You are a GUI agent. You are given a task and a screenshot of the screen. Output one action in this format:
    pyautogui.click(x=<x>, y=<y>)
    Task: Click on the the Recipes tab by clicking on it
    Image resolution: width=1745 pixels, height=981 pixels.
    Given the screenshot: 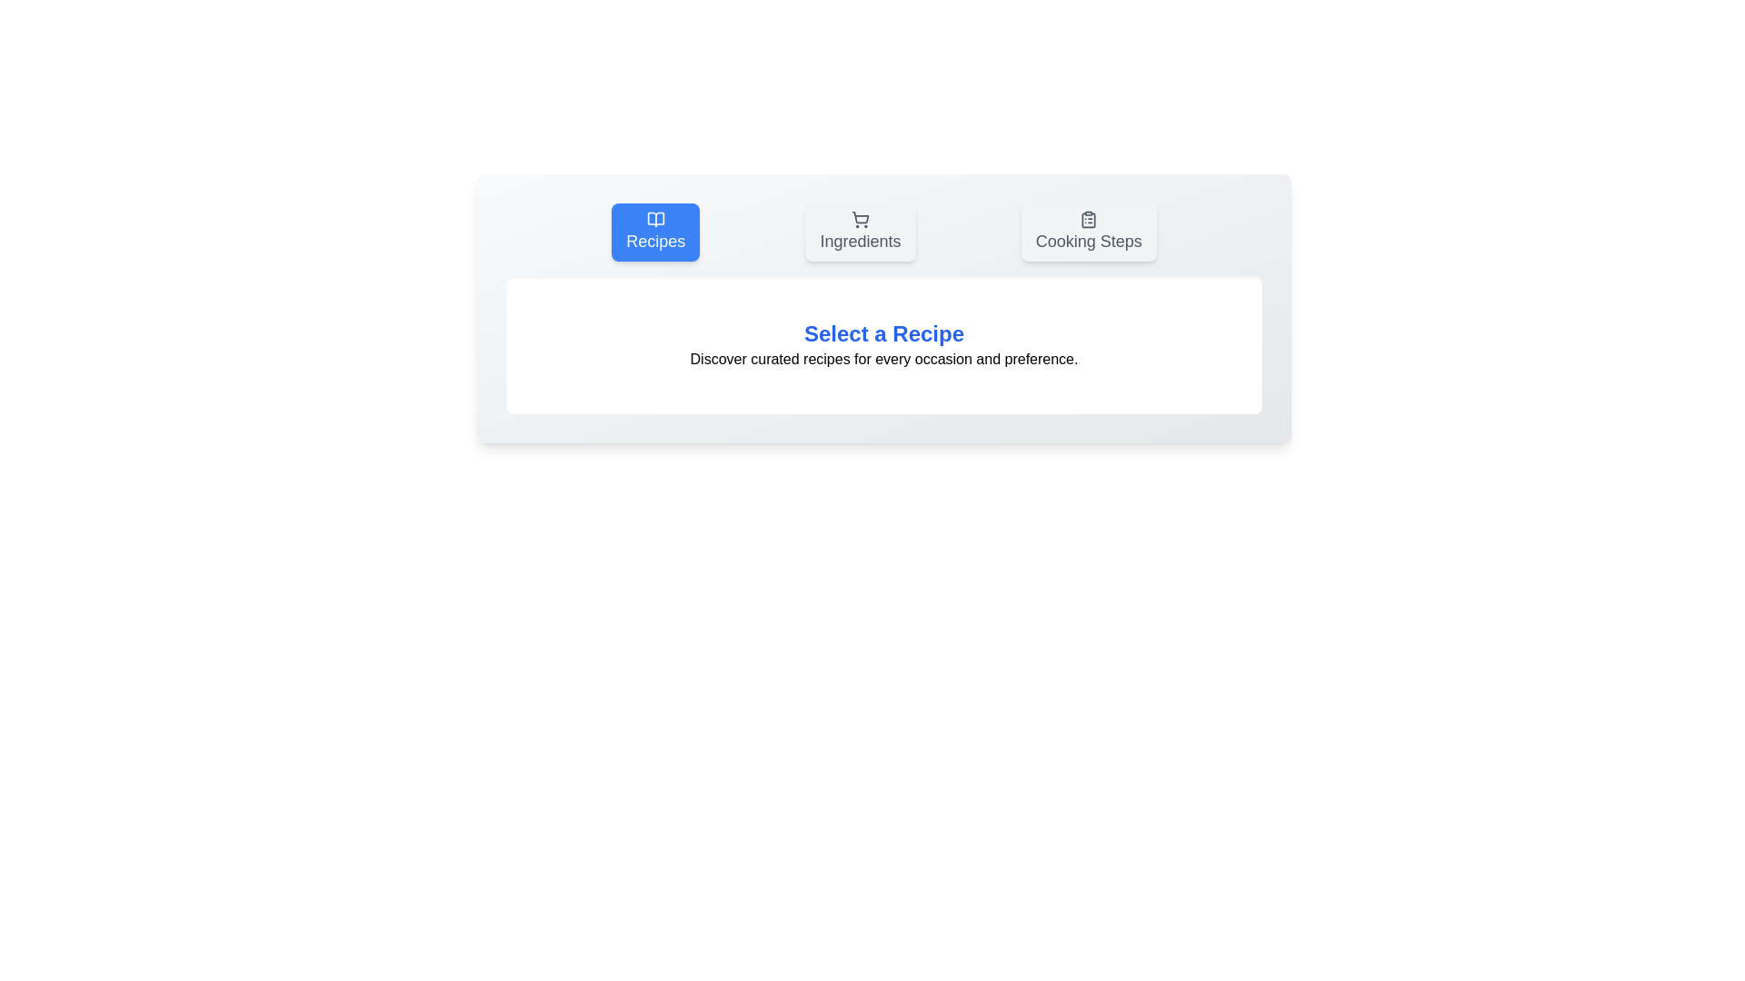 What is the action you would take?
    pyautogui.click(x=654, y=231)
    